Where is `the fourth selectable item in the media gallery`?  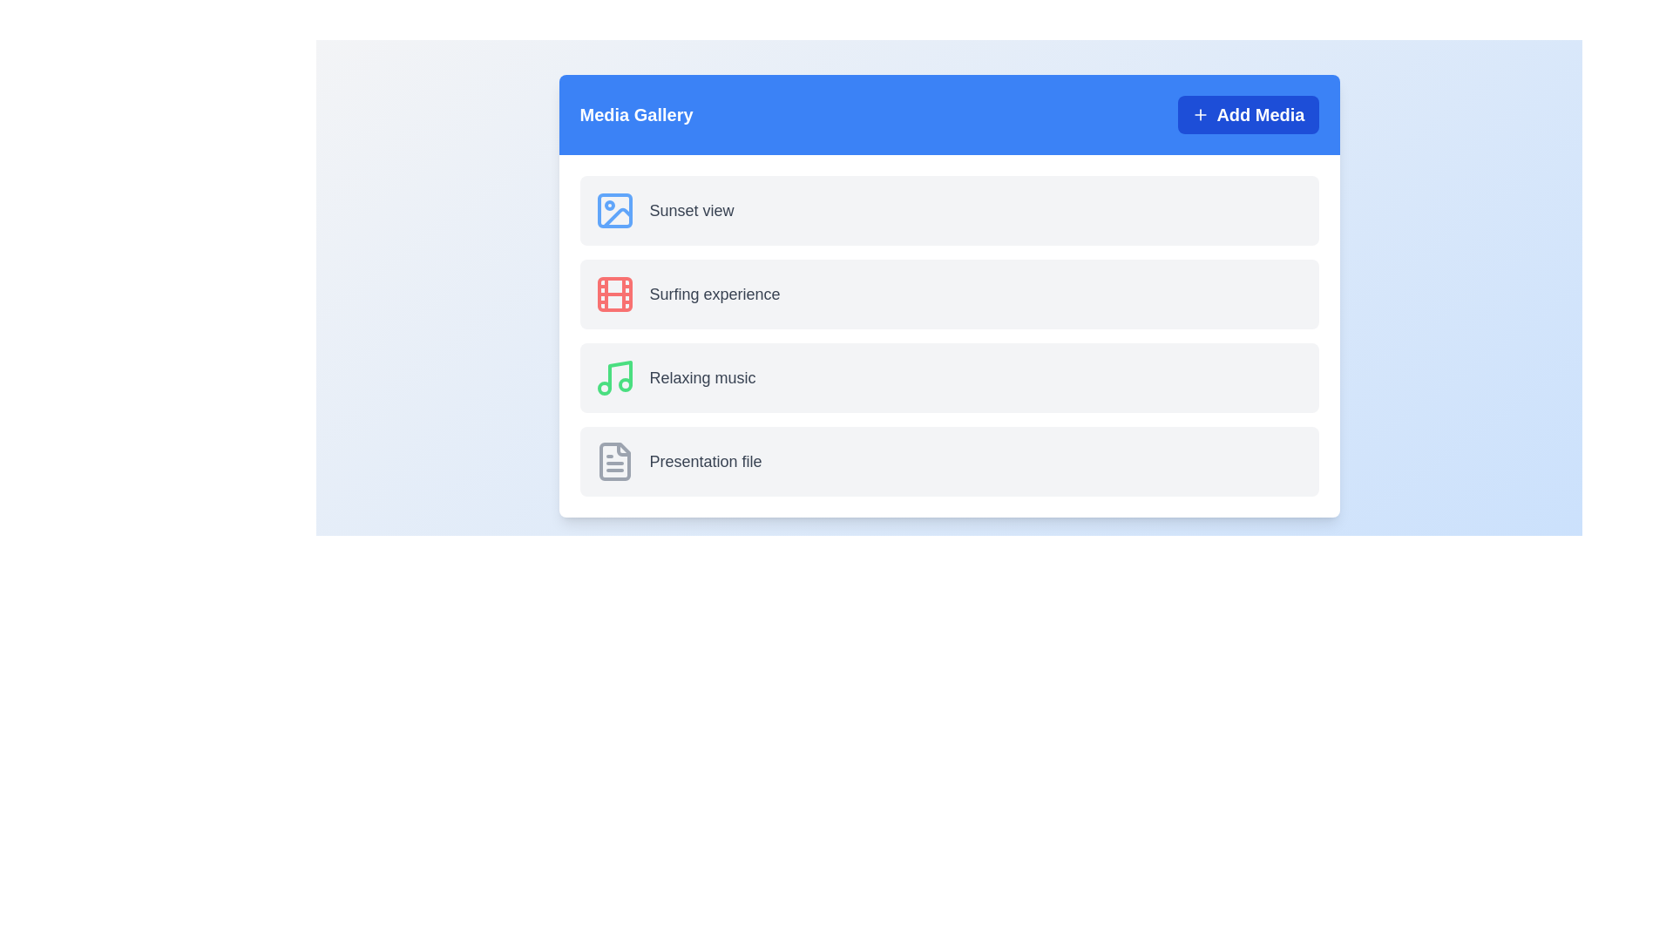 the fourth selectable item in the media gallery is located at coordinates (948, 460).